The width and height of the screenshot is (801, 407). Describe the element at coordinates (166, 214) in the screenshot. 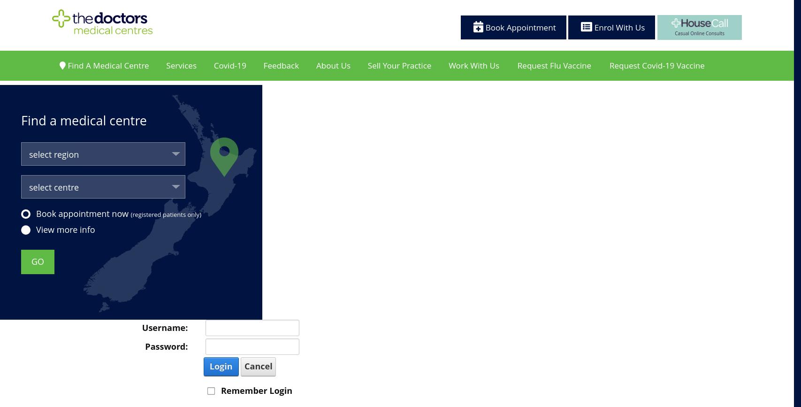

I see `'(registered patients only)'` at that location.